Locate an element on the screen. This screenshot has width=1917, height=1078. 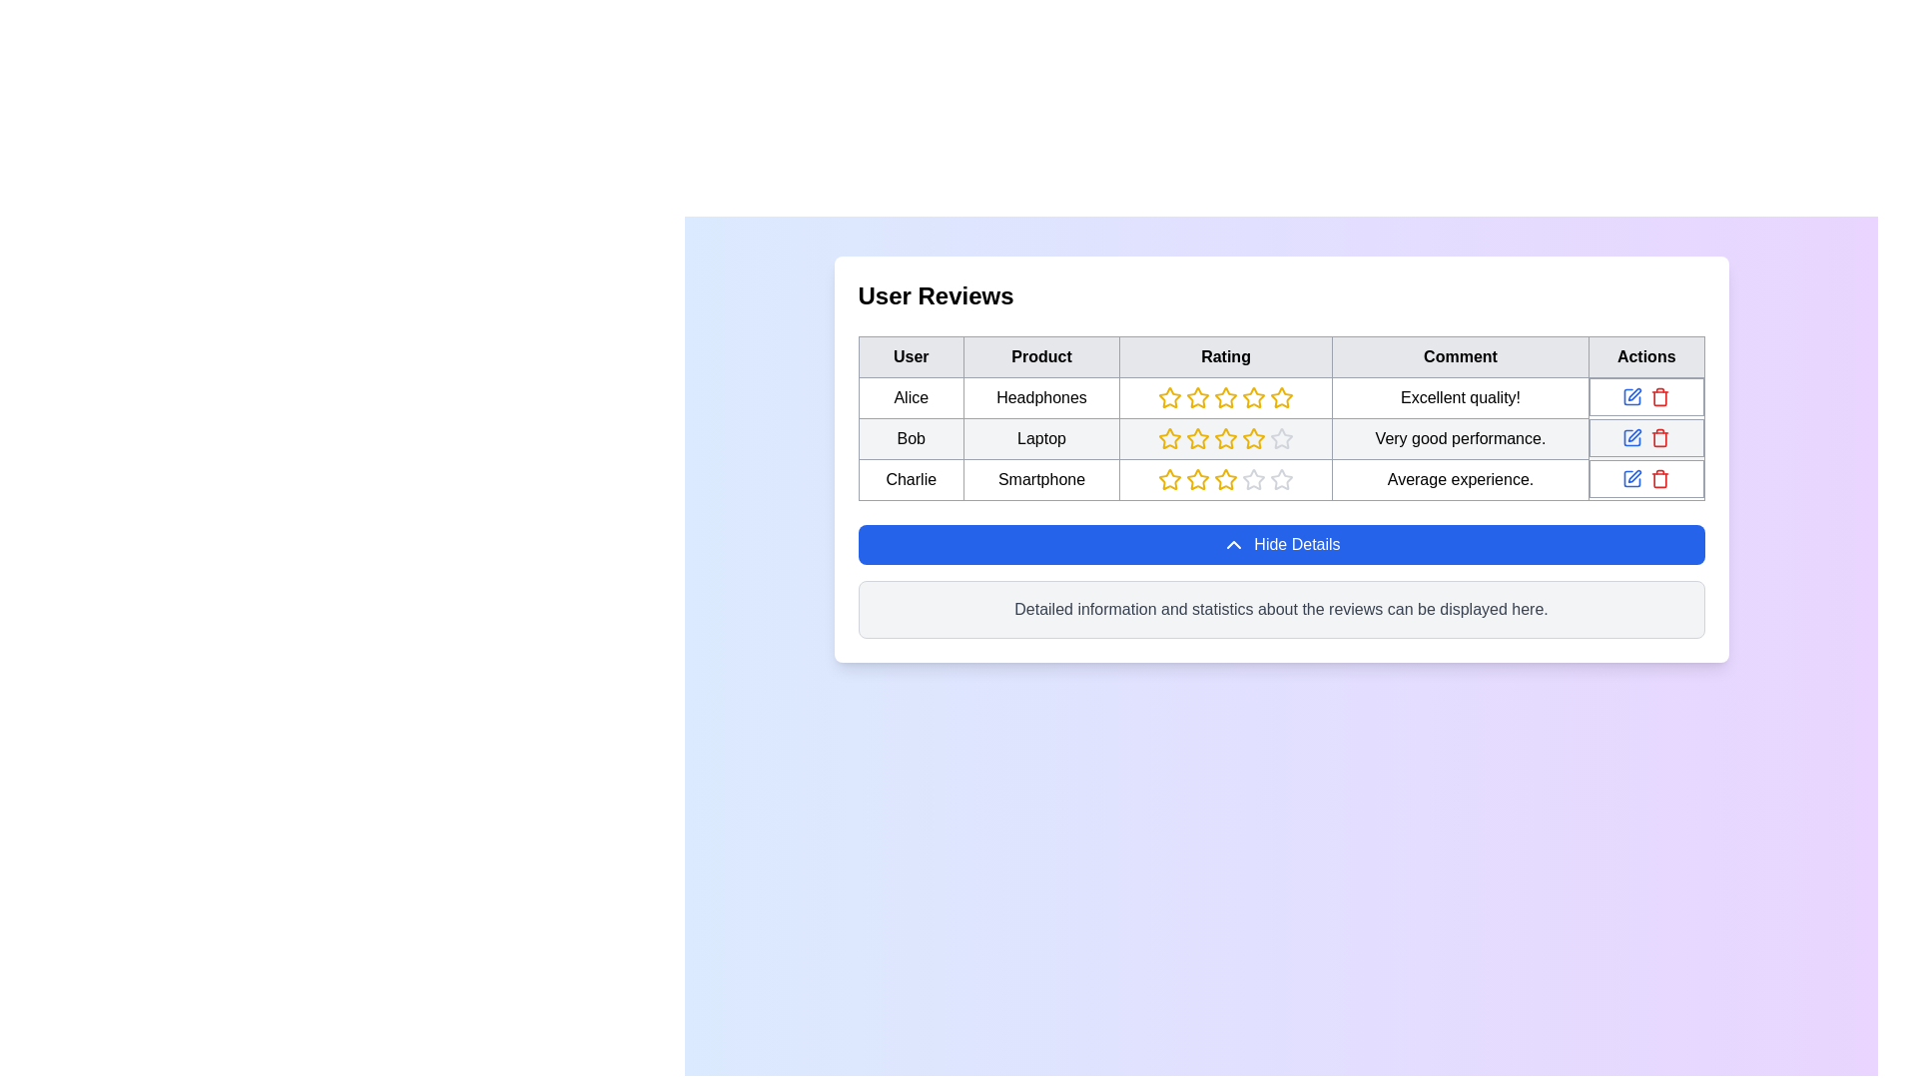
the third star icon in the rating column for the 'Charlie' user entry to reflect a rating is located at coordinates (1225, 479).